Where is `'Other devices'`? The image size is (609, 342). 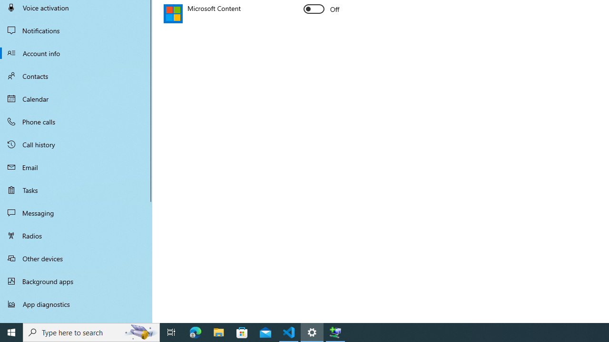
'Other devices' is located at coordinates (76, 258).